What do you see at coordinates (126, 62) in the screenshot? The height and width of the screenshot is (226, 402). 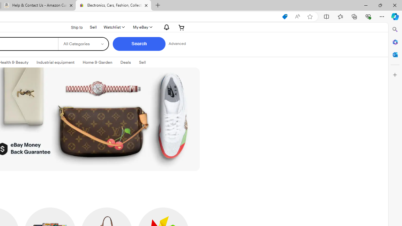 I see `'Deals'` at bounding box center [126, 62].